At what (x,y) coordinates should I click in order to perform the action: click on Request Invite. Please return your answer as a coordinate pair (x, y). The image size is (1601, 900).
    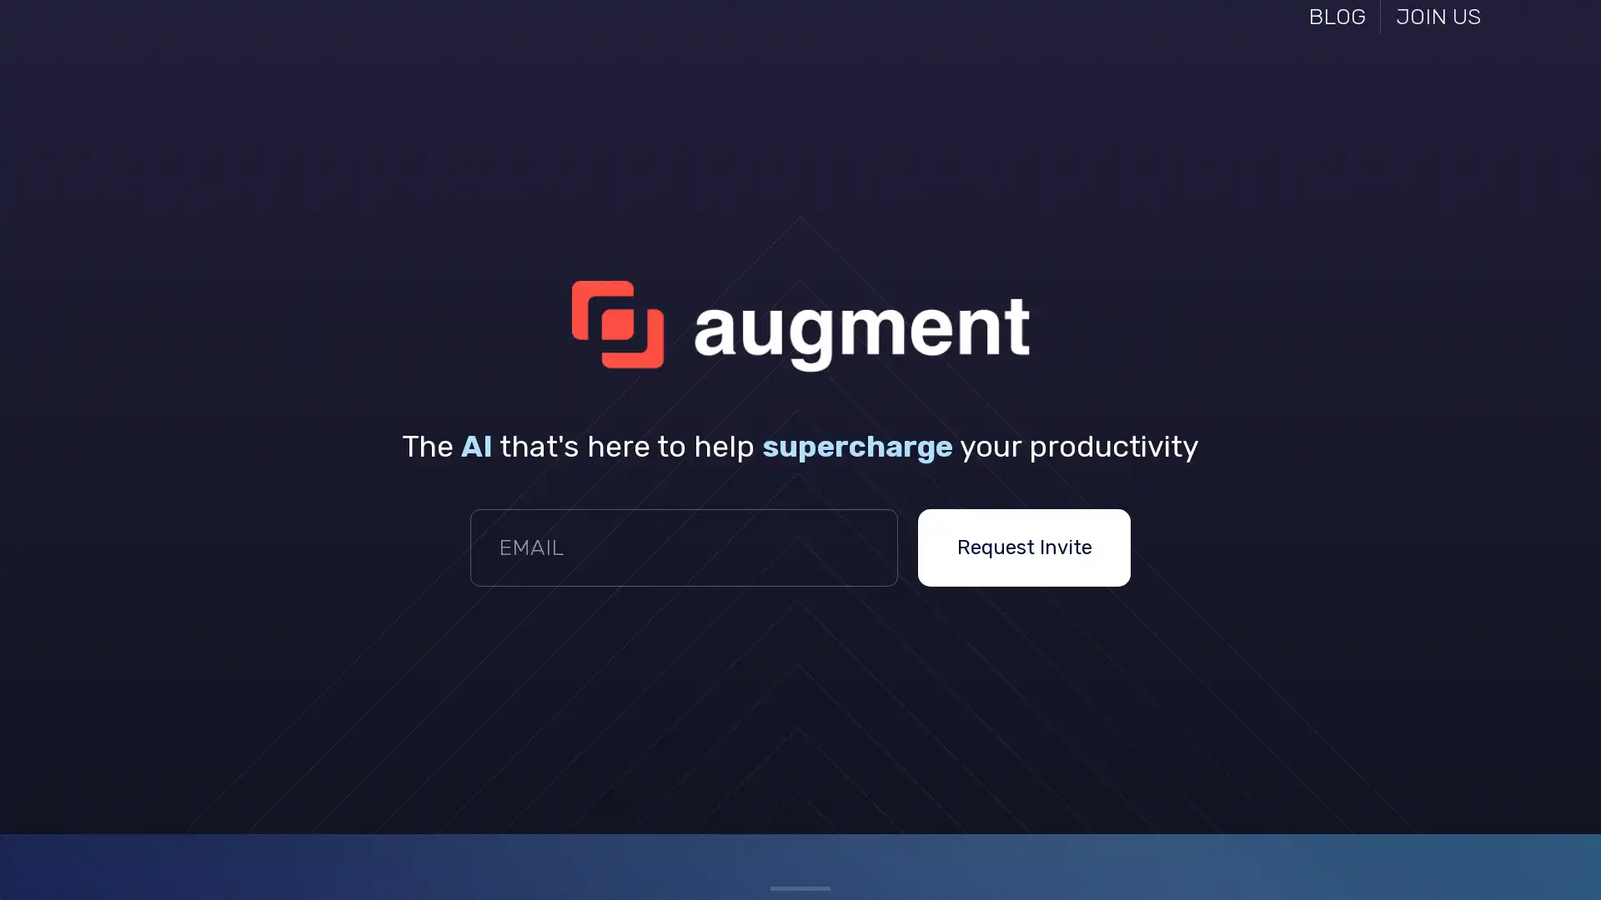
    Looking at the image, I should click on (1023, 547).